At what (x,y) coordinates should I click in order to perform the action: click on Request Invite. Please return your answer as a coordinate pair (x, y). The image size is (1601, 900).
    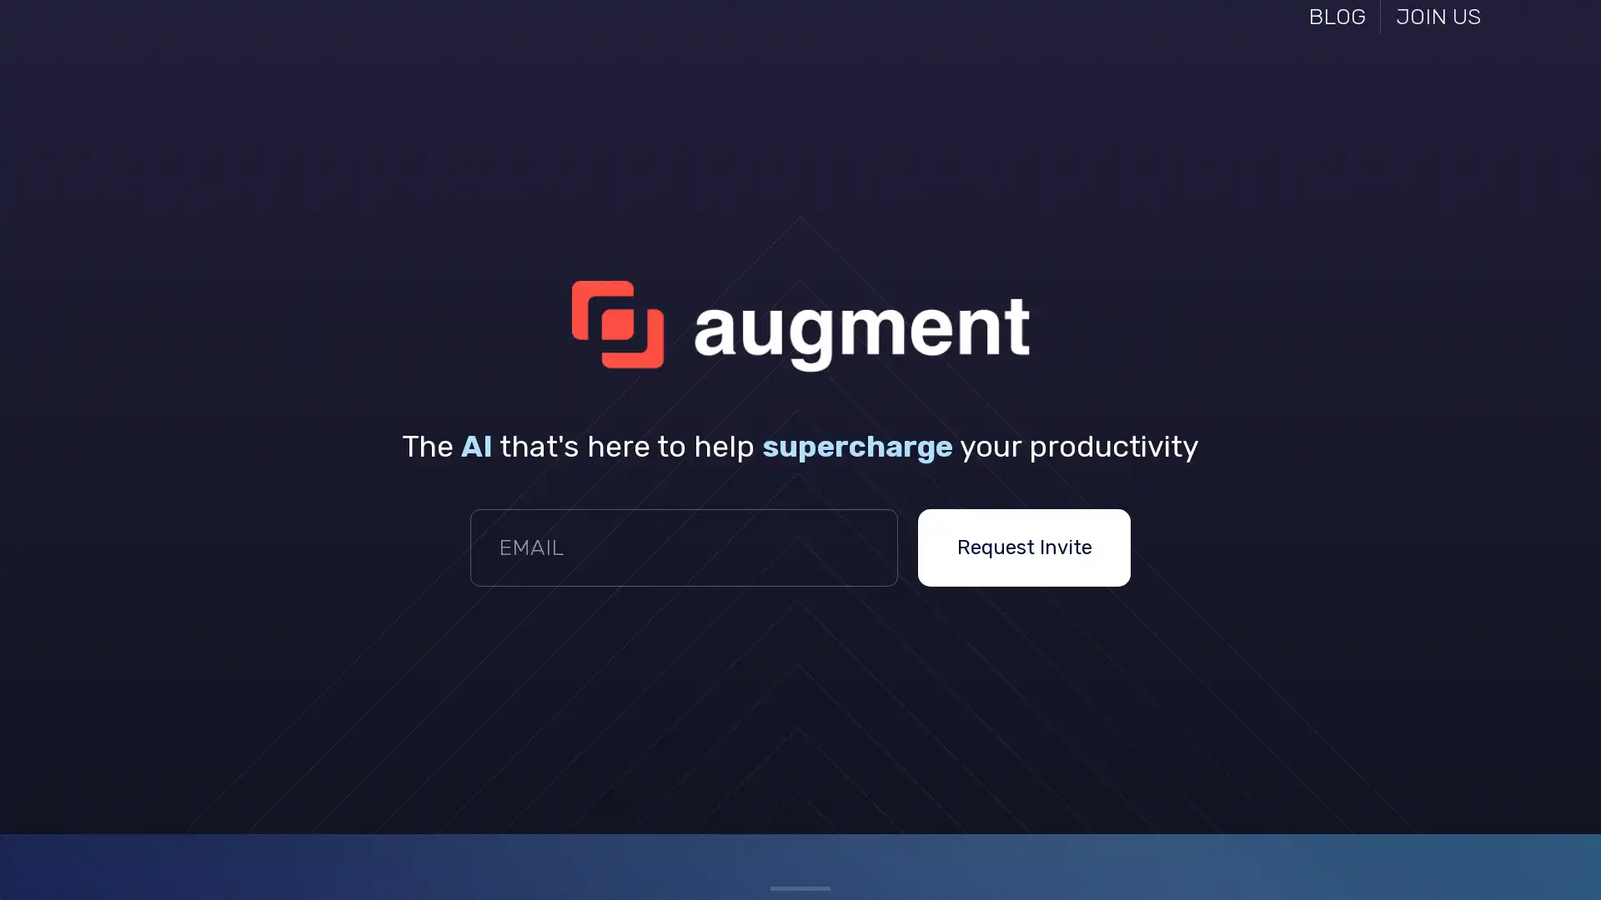
    Looking at the image, I should click on (1023, 547).